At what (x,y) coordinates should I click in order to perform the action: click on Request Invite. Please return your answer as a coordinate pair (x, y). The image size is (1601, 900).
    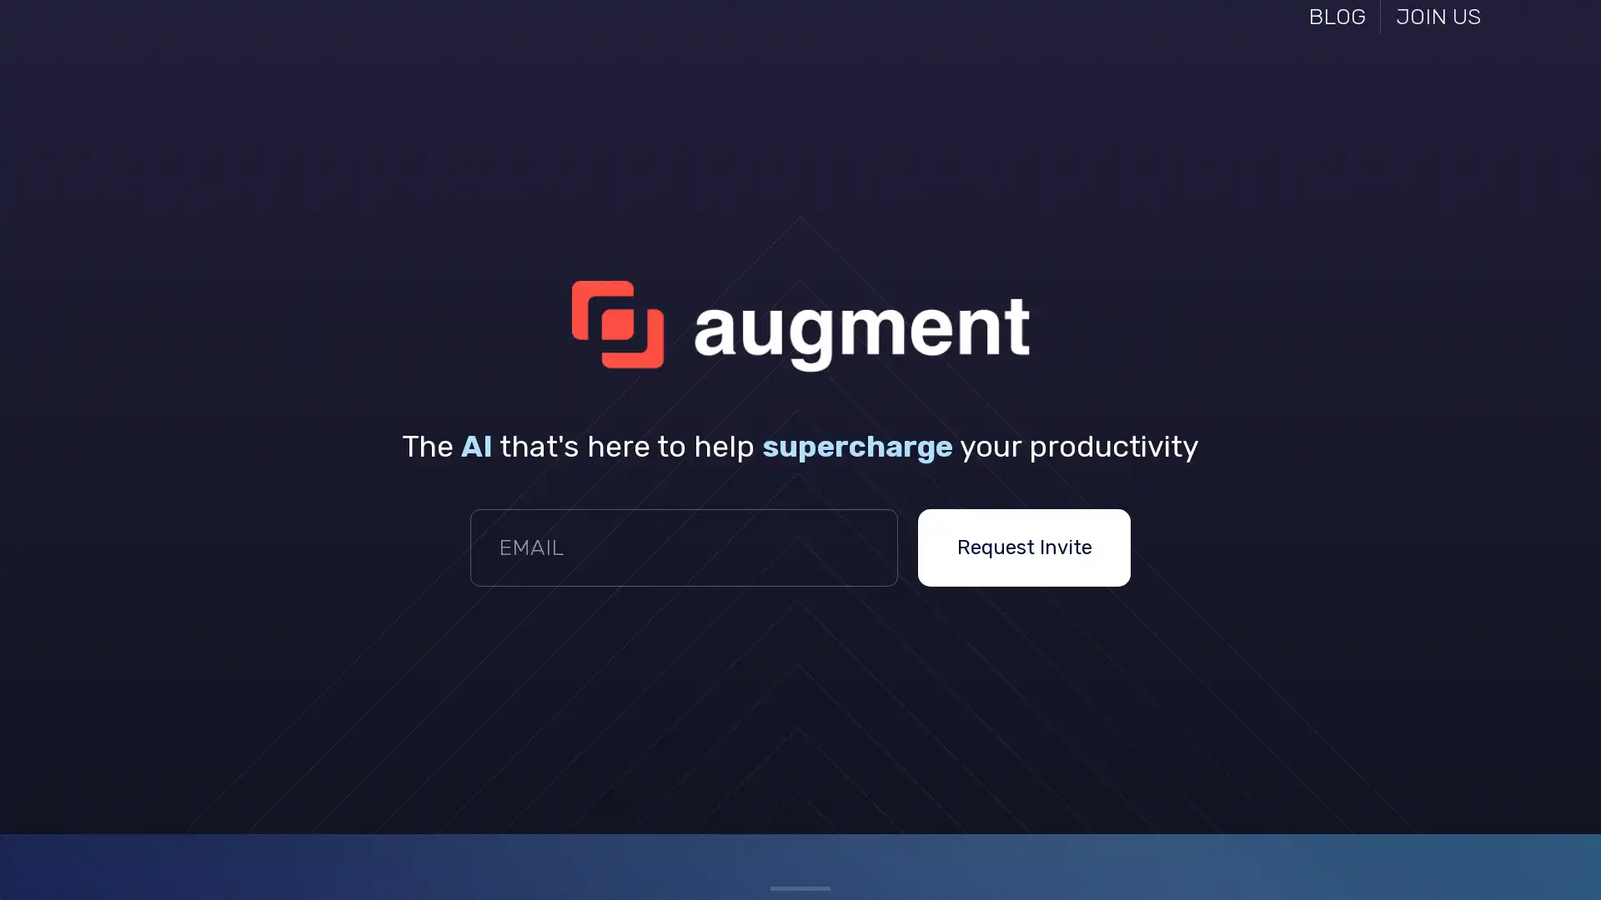
    Looking at the image, I should click on (1023, 547).